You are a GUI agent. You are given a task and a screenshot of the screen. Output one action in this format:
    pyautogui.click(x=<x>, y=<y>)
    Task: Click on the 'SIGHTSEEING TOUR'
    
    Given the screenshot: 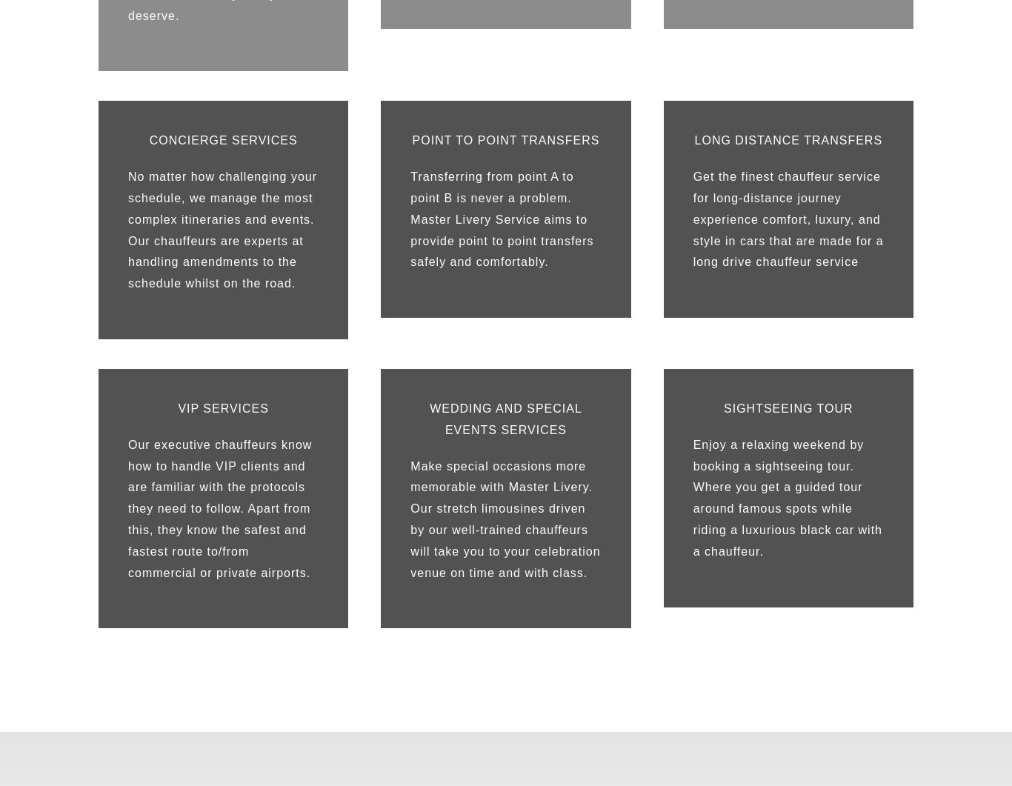 What is the action you would take?
    pyautogui.click(x=787, y=407)
    